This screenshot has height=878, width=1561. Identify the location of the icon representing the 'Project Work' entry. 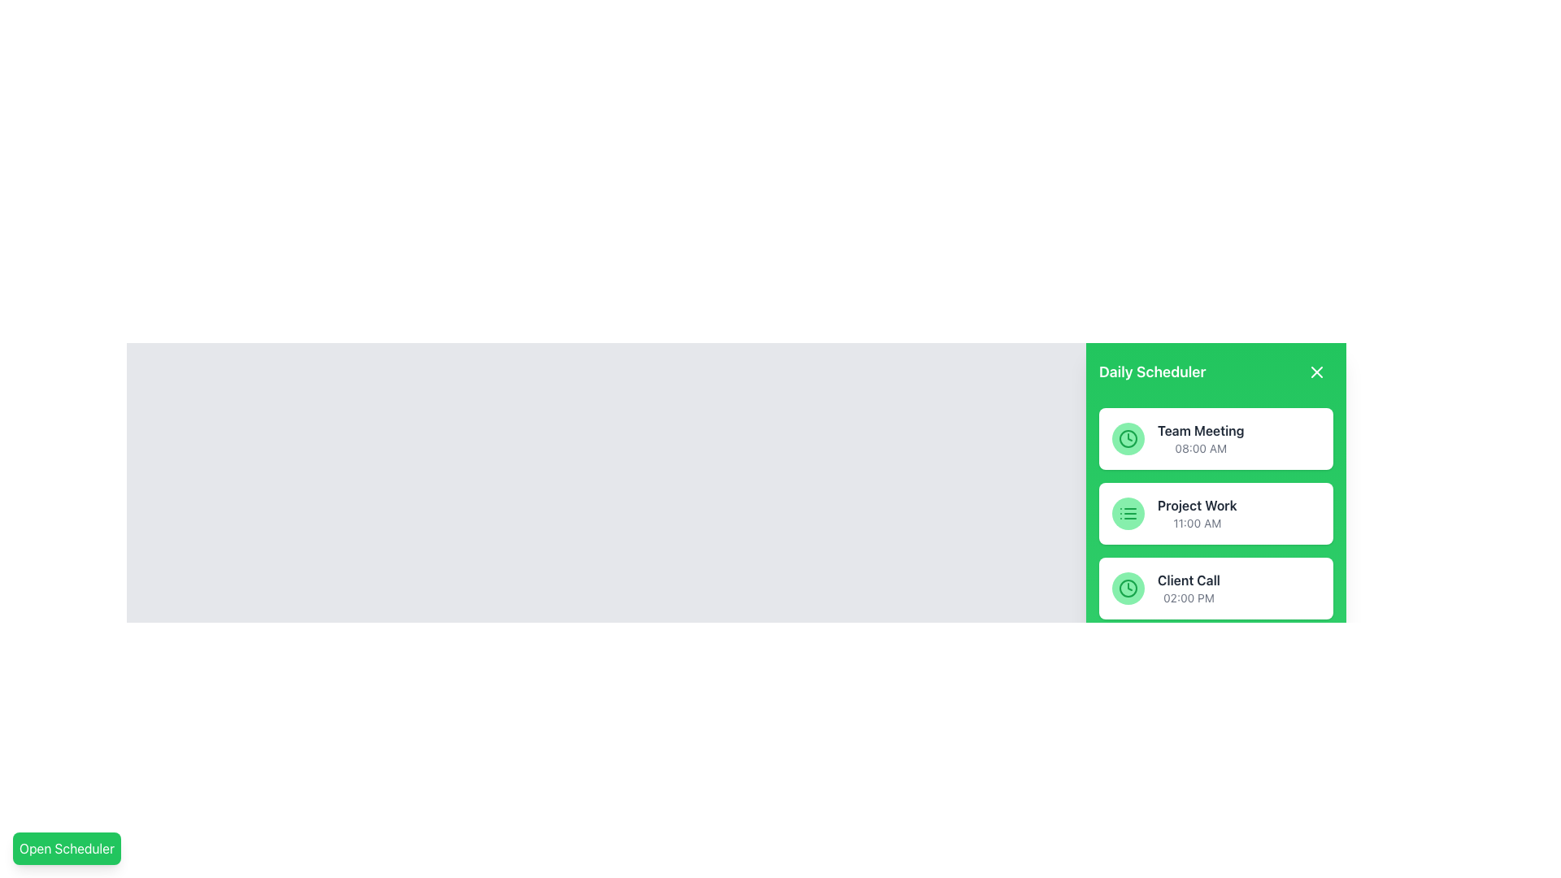
(1127, 514).